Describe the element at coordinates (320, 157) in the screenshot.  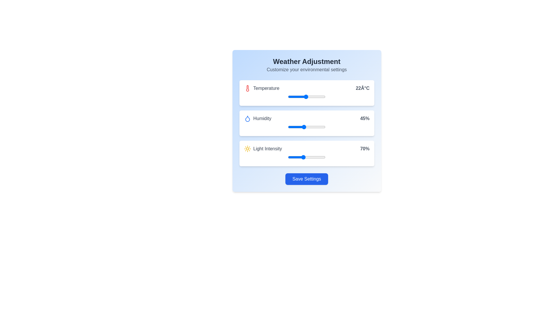
I see `the light intensity` at that location.